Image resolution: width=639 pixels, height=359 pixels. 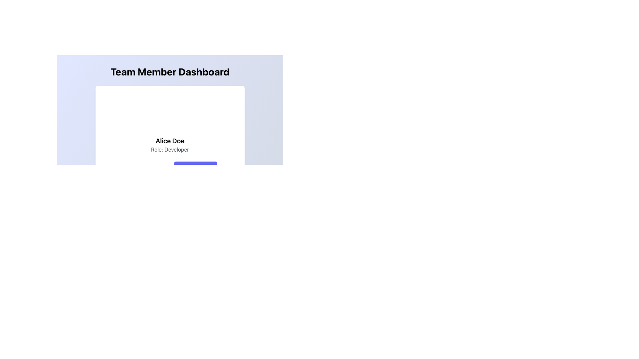 What do you see at coordinates (195, 168) in the screenshot?
I see `the 'Next Member' button, which is a rectangular button with a blue background and white text, located centrally under the text 'Alice Doe, Role: Developer' in the Team Member Dashboard` at bounding box center [195, 168].